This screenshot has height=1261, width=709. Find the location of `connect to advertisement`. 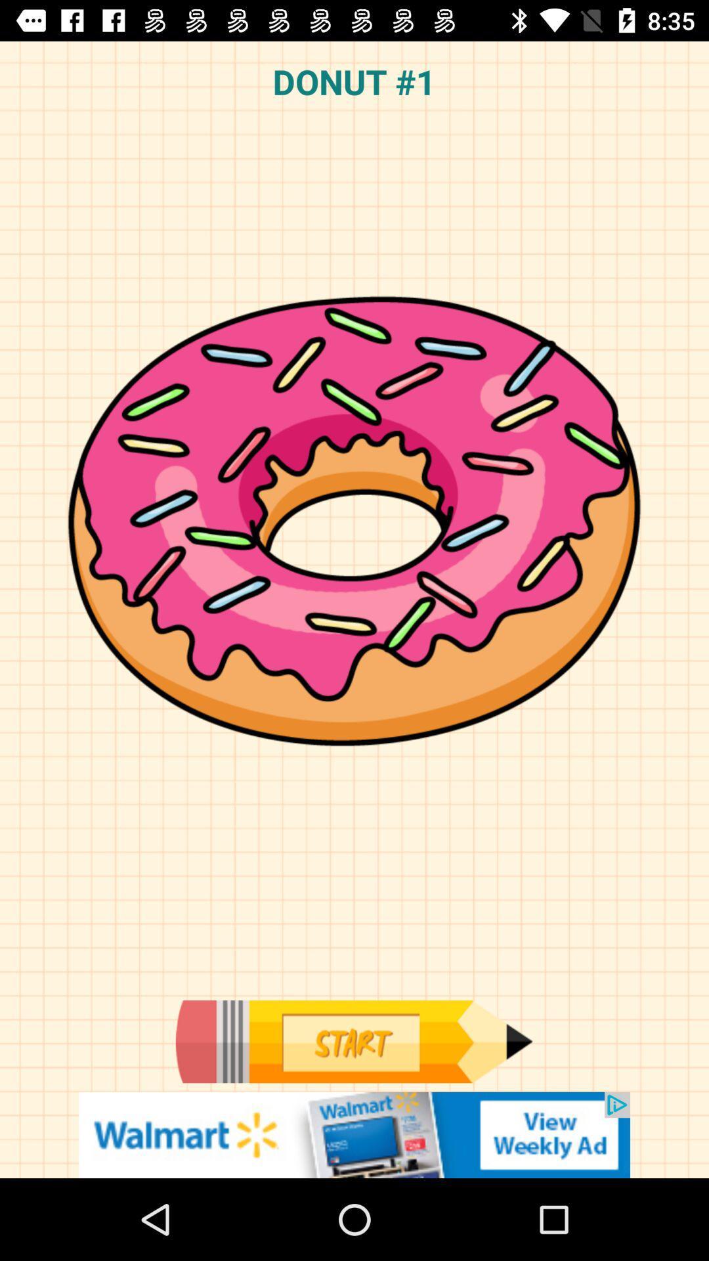

connect to advertisement is located at coordinates (354, 1134).